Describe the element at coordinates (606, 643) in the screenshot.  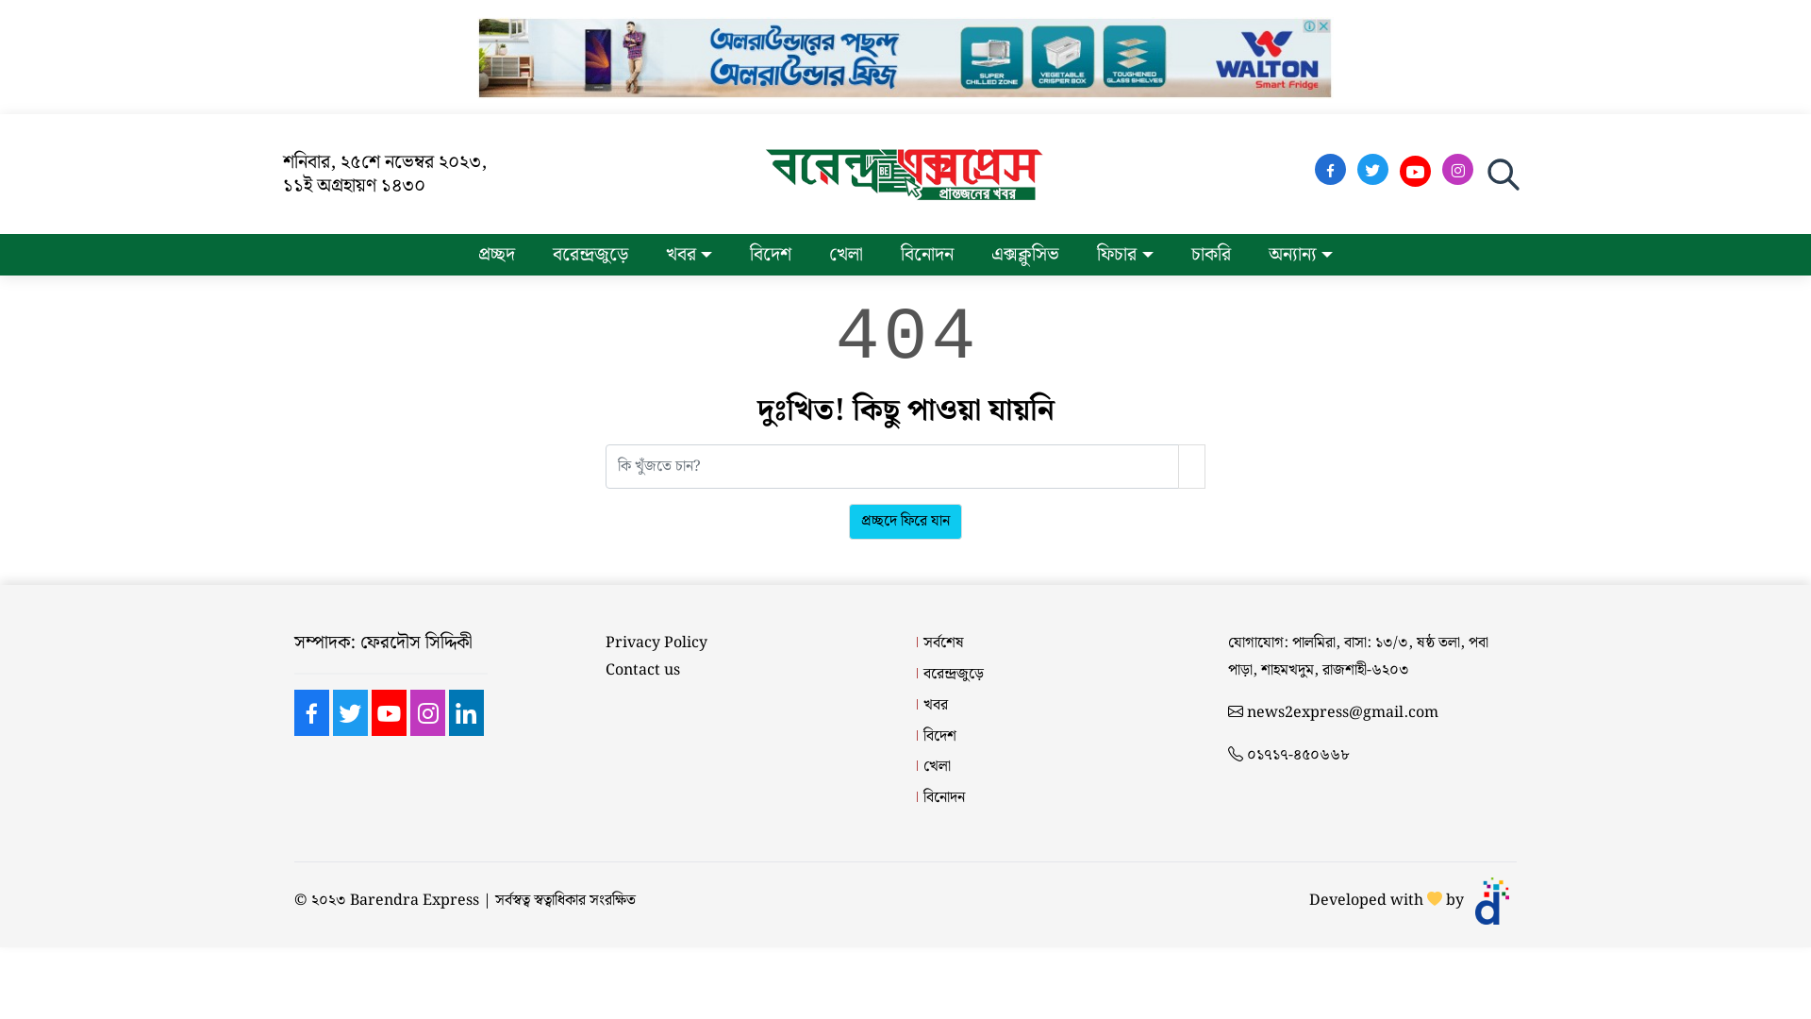
I see `'Privacy Policy'` at that location.